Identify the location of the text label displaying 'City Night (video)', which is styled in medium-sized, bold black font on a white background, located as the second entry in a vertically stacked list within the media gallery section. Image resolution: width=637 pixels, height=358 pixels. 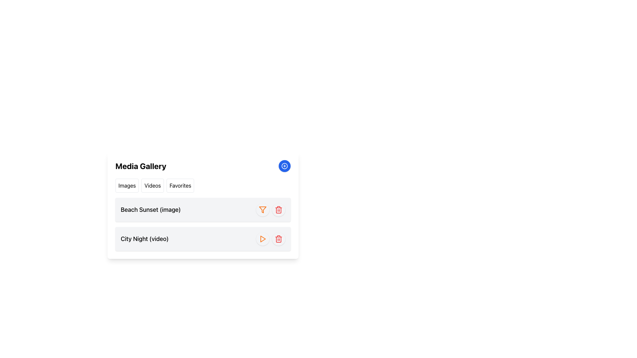
(144, 239).